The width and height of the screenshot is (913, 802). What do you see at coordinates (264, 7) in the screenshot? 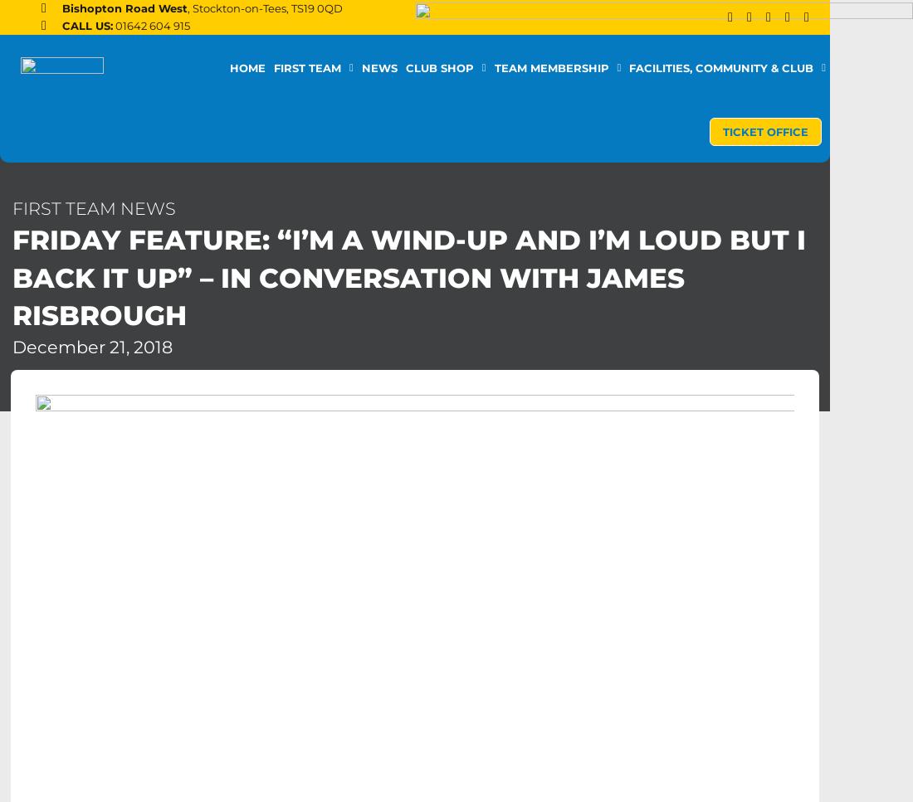
I see `', Stockton-on-Tees, TS19 0QD'` at bounding box center [264, 7].